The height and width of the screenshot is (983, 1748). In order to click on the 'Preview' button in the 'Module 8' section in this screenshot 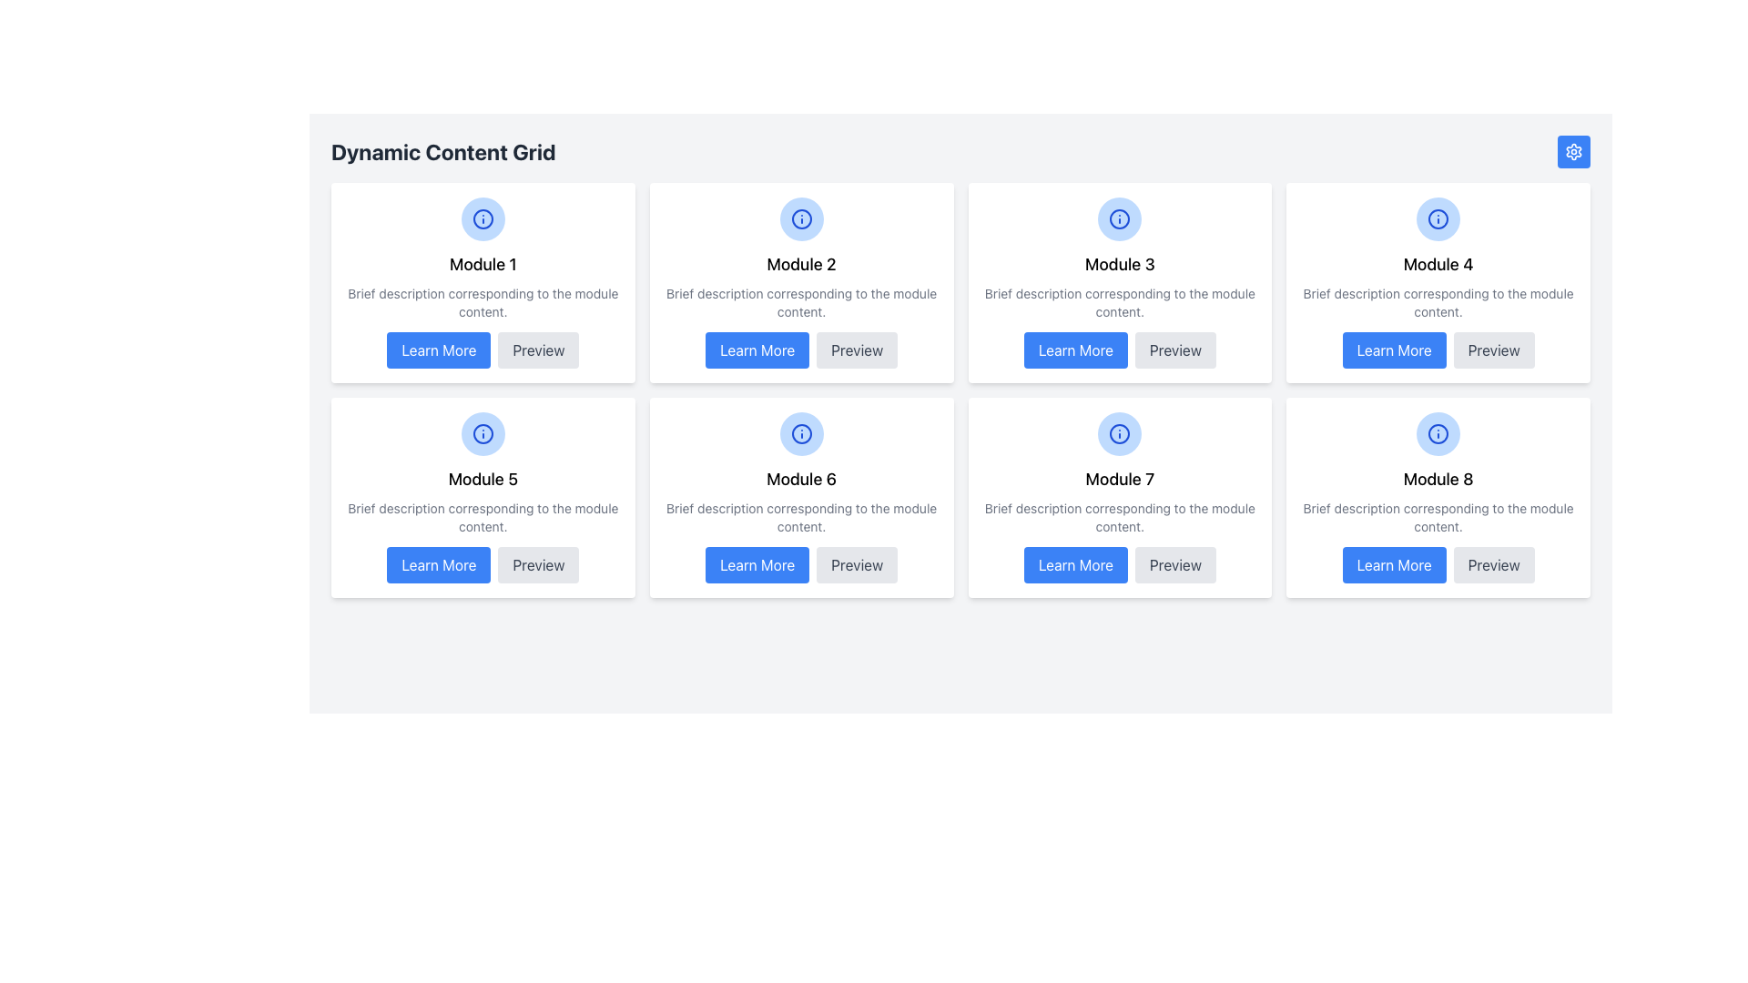, I will do `click(1494, 564)`.